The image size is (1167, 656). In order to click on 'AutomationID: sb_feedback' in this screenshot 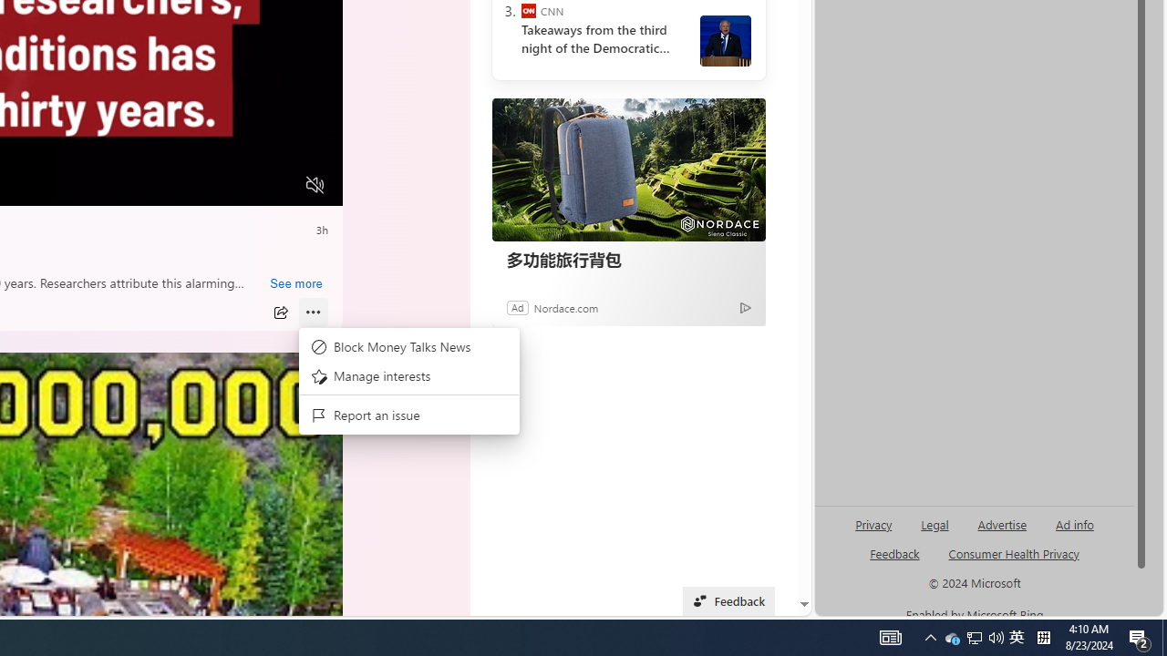, I will do `click(894, 552)`.